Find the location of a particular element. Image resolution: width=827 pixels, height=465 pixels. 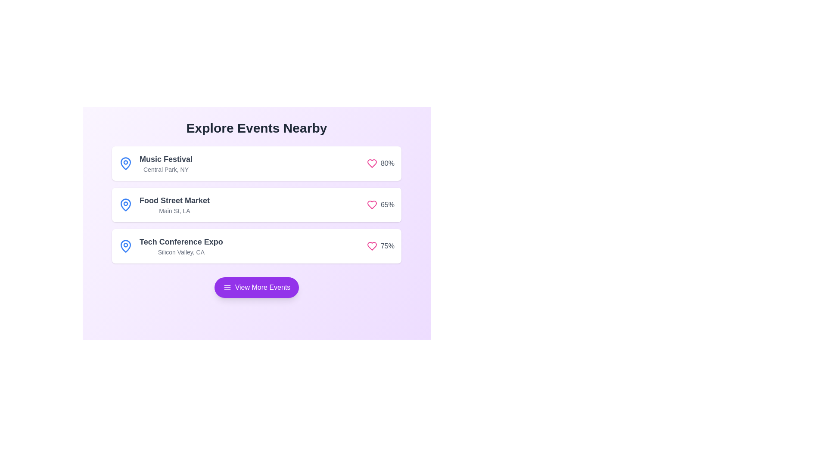

the Header Text that serves as an introductory title for nearby events, positioned at the top of the section beneath the header area is located at coordinates (256, 128).